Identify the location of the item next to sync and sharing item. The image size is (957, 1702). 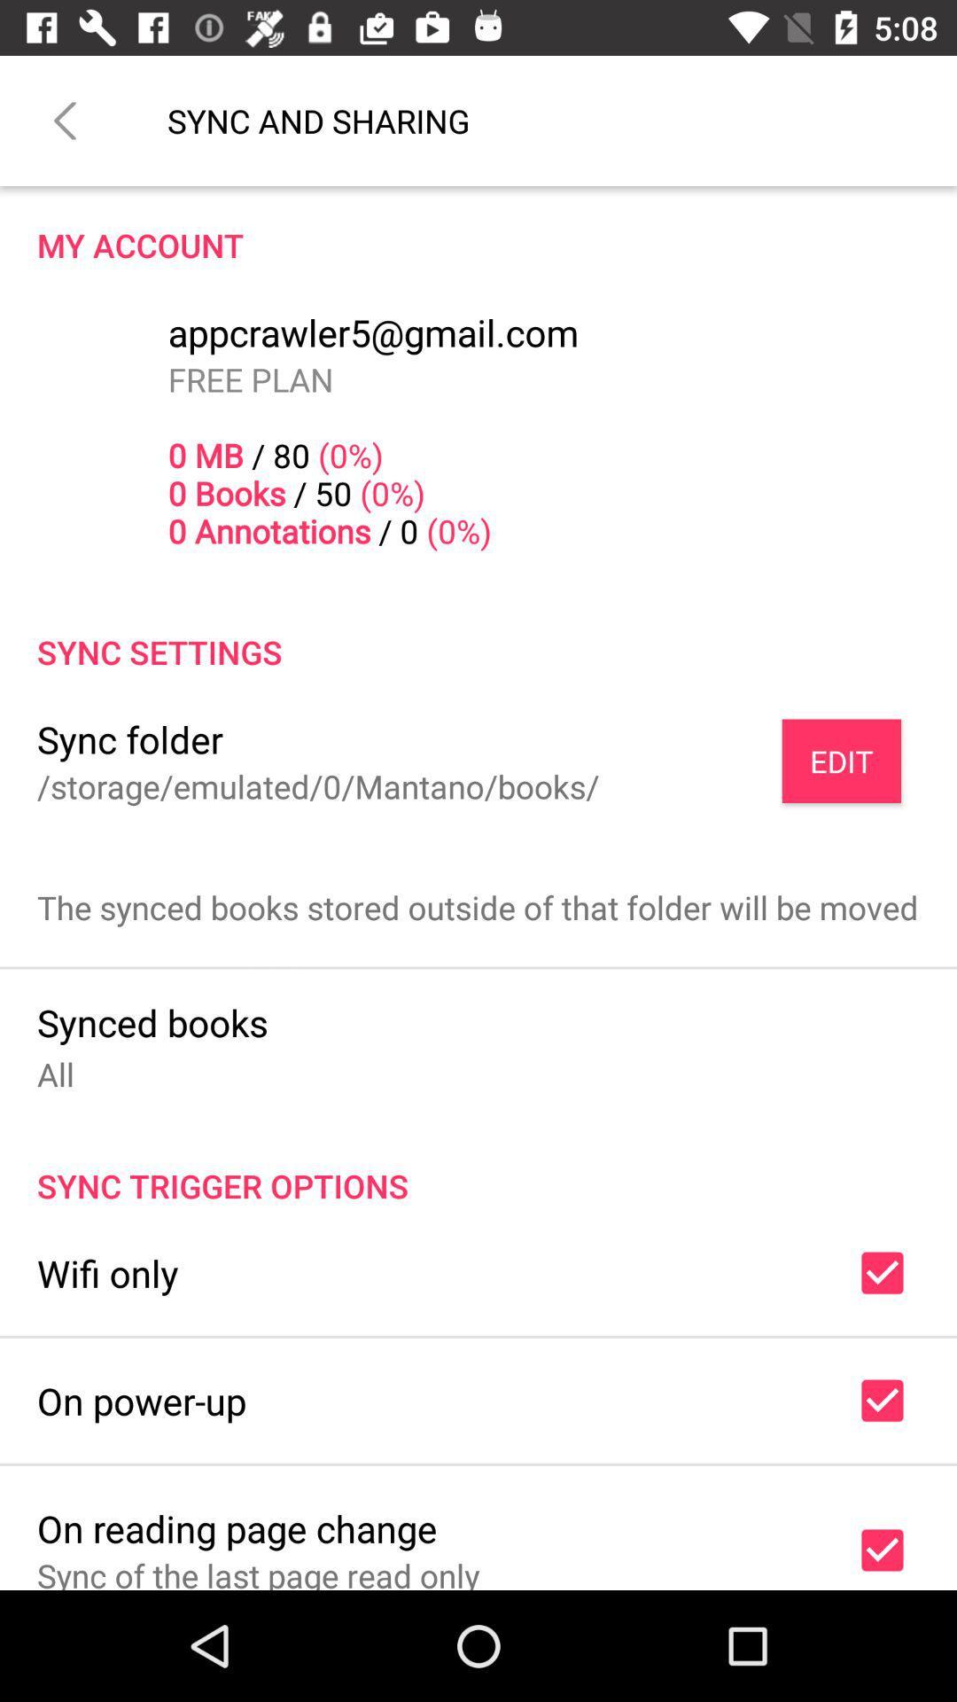
(64, 120).